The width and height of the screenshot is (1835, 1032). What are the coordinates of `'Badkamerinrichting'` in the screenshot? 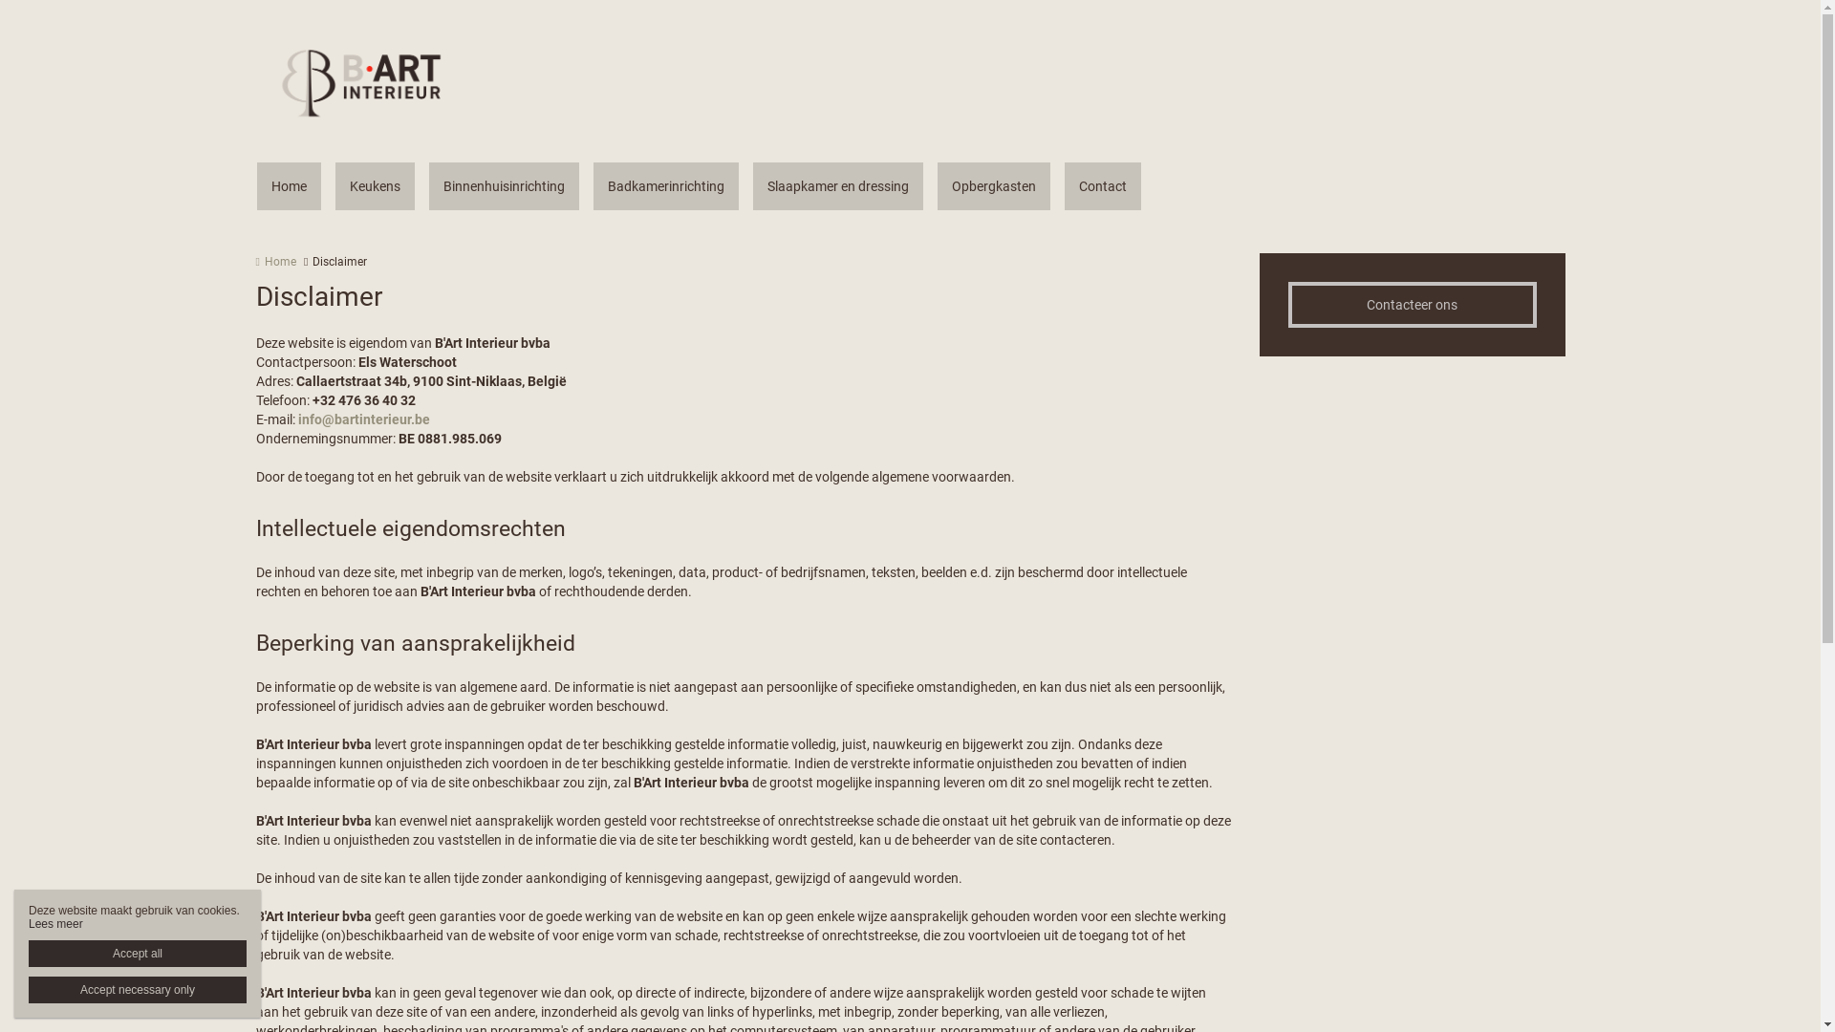 It's located at (665, 186).